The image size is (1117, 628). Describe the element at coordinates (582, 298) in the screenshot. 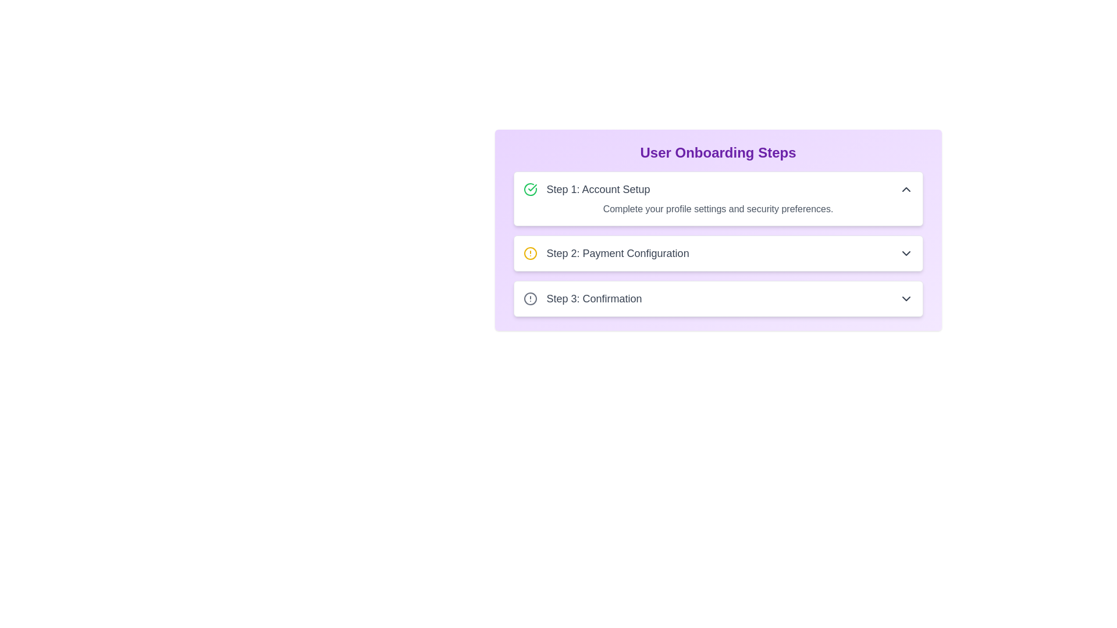

I see `text label indicating 'Step 3: Confirmation' in the user onboarding process, which is located below 'Step 1: Account Setup' and 'Step 2: Payment Configuration'` at that location.